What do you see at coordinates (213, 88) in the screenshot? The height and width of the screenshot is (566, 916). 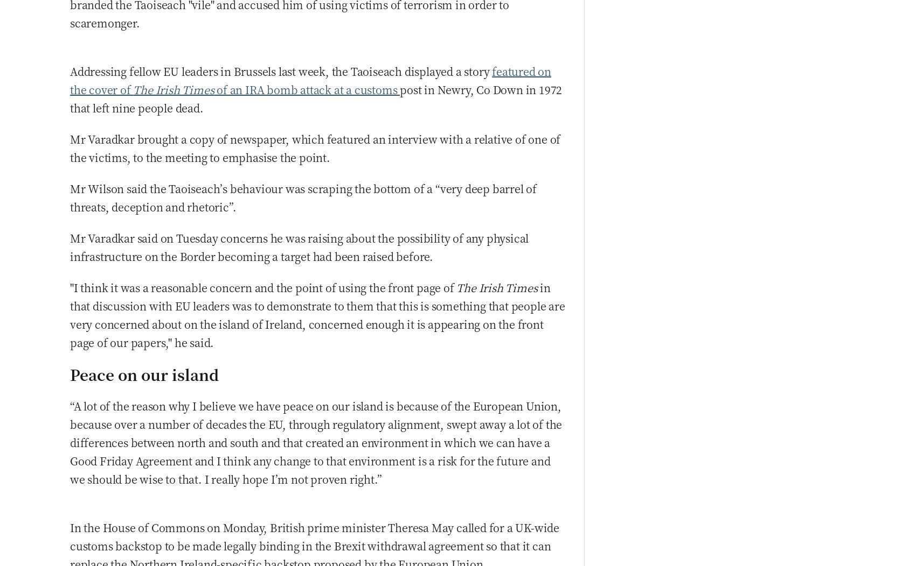 I see `'of an IRA bomb attack at a customs'` at bounding box center [213, 88].